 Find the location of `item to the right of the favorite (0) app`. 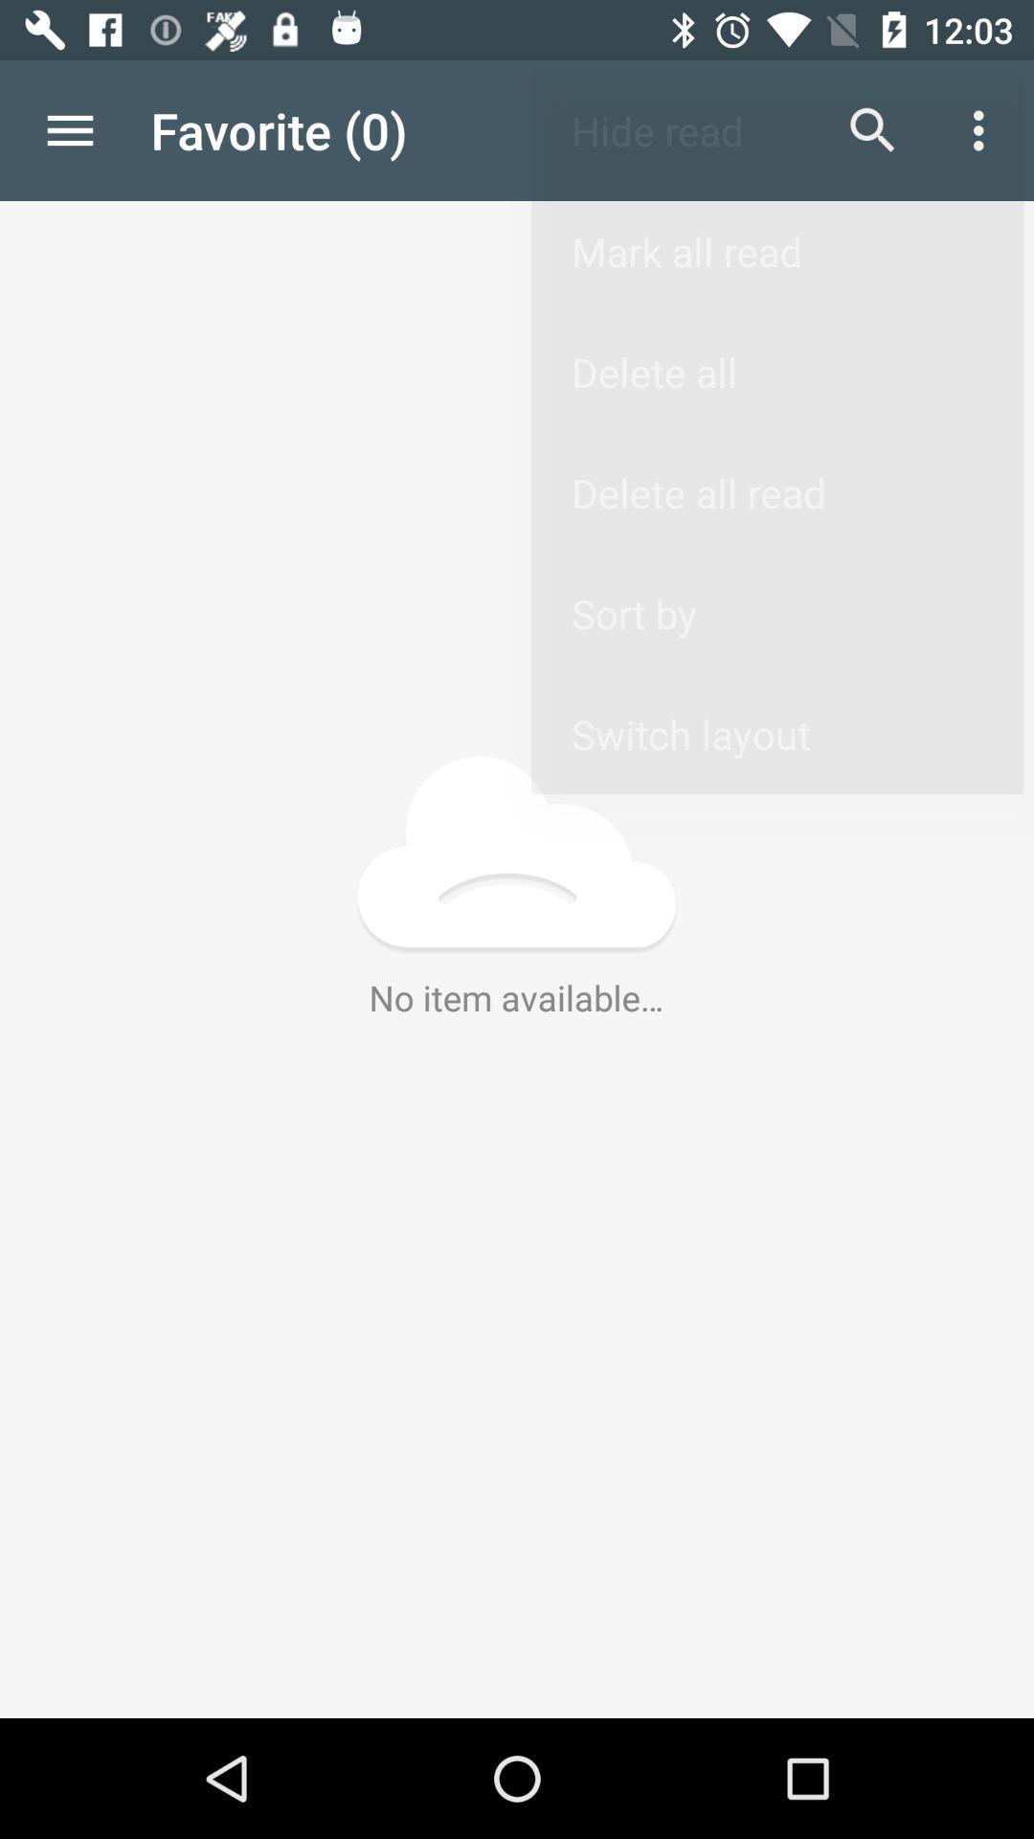

item to the right of the favorite (0) app is located at coordinates (872, 129).